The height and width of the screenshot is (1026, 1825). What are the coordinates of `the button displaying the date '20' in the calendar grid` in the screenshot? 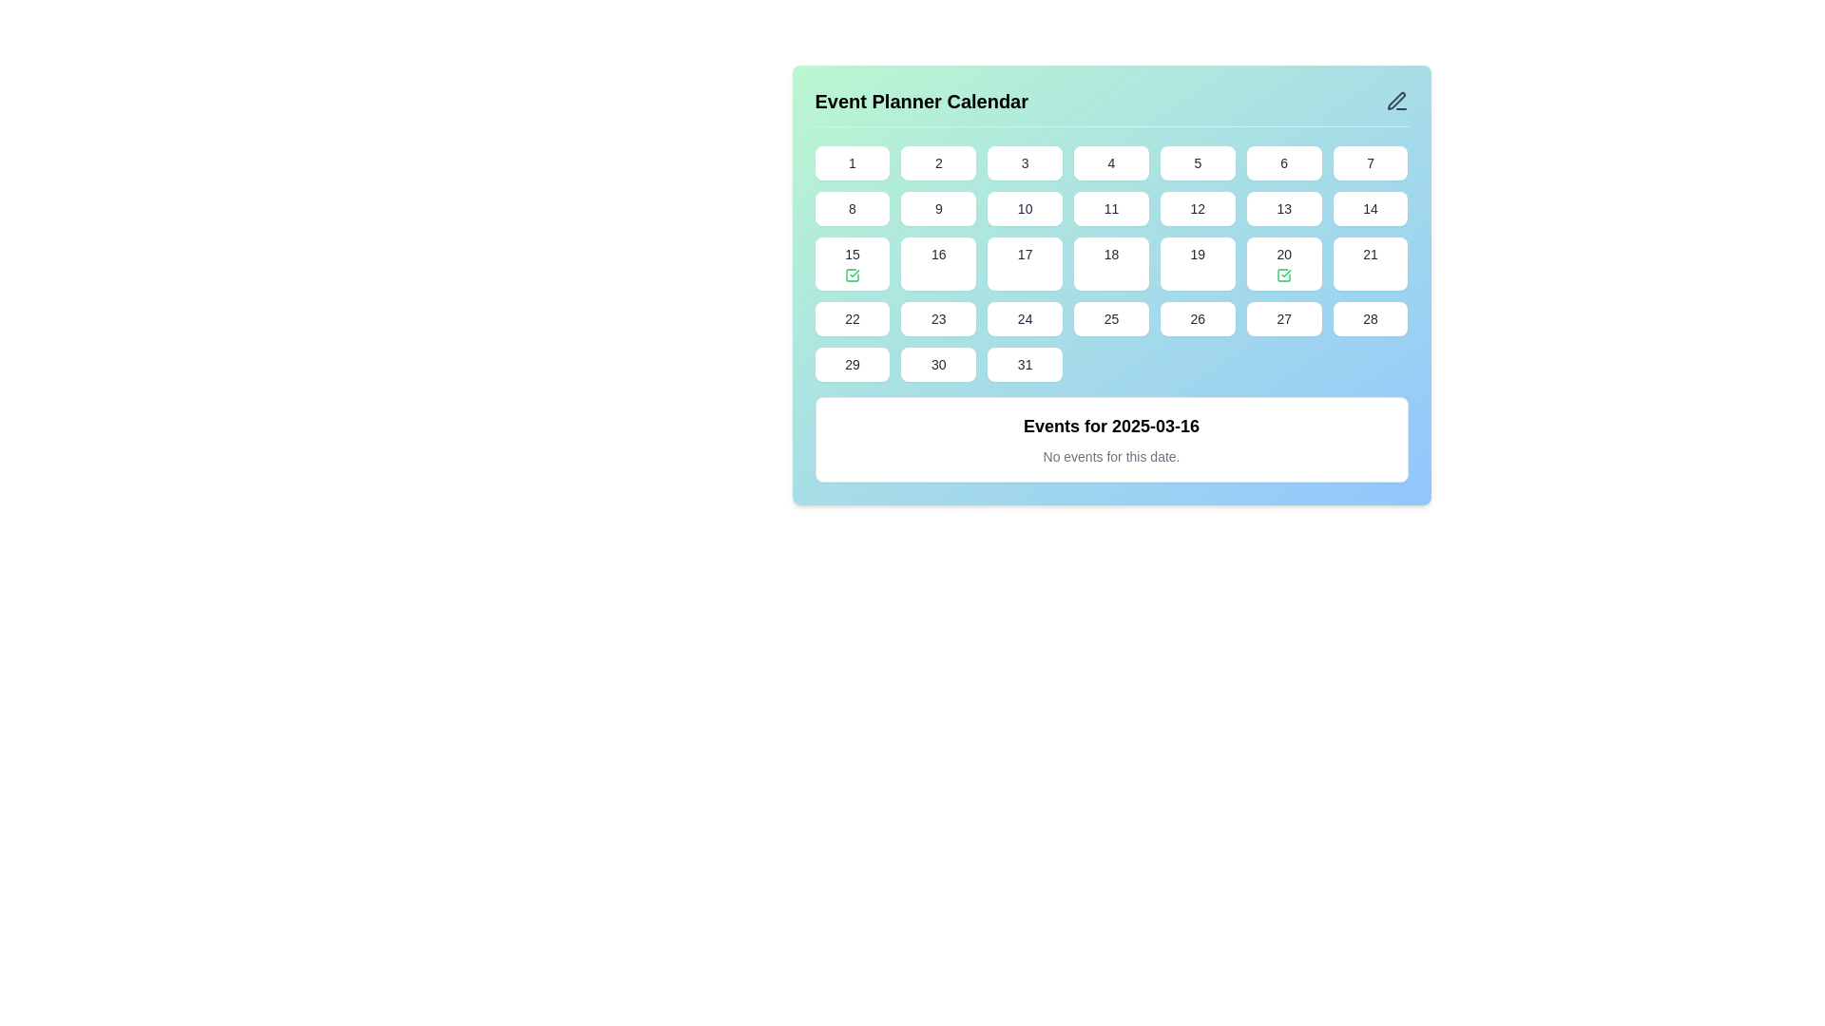 It's located at (1284, 263).